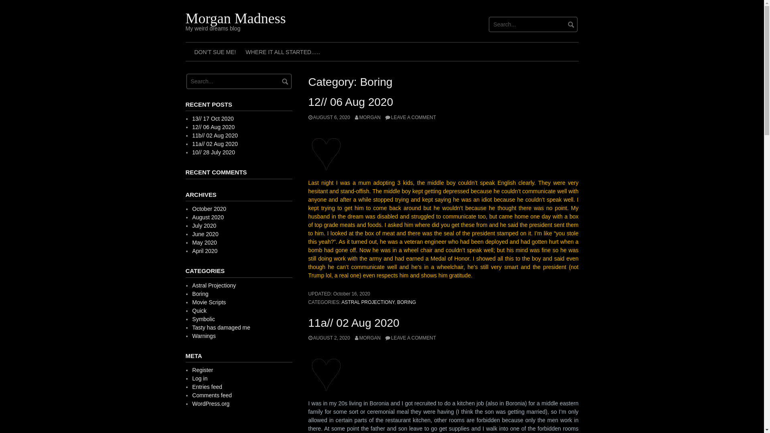  Describe the element at coordinates (367, 117) in the screenshot. I see `'MORGAN'` at that location.